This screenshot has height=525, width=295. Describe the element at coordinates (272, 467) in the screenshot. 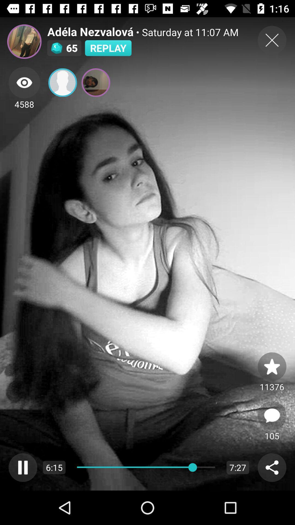

I see `share the article` at that location.